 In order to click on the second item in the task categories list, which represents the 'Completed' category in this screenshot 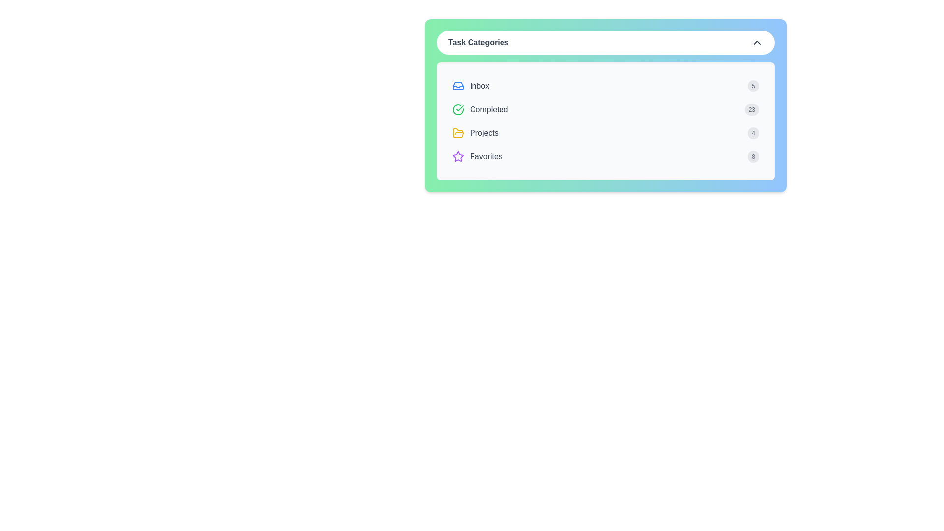, I will do `click(605, 110)`.